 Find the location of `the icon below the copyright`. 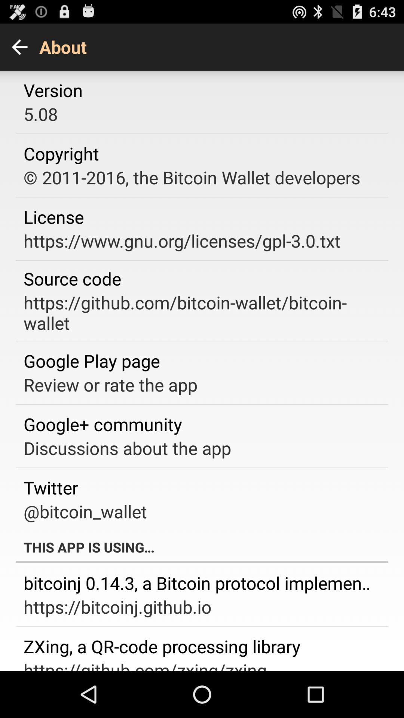

the icon below the copyright is located at coordinates (192, 177).